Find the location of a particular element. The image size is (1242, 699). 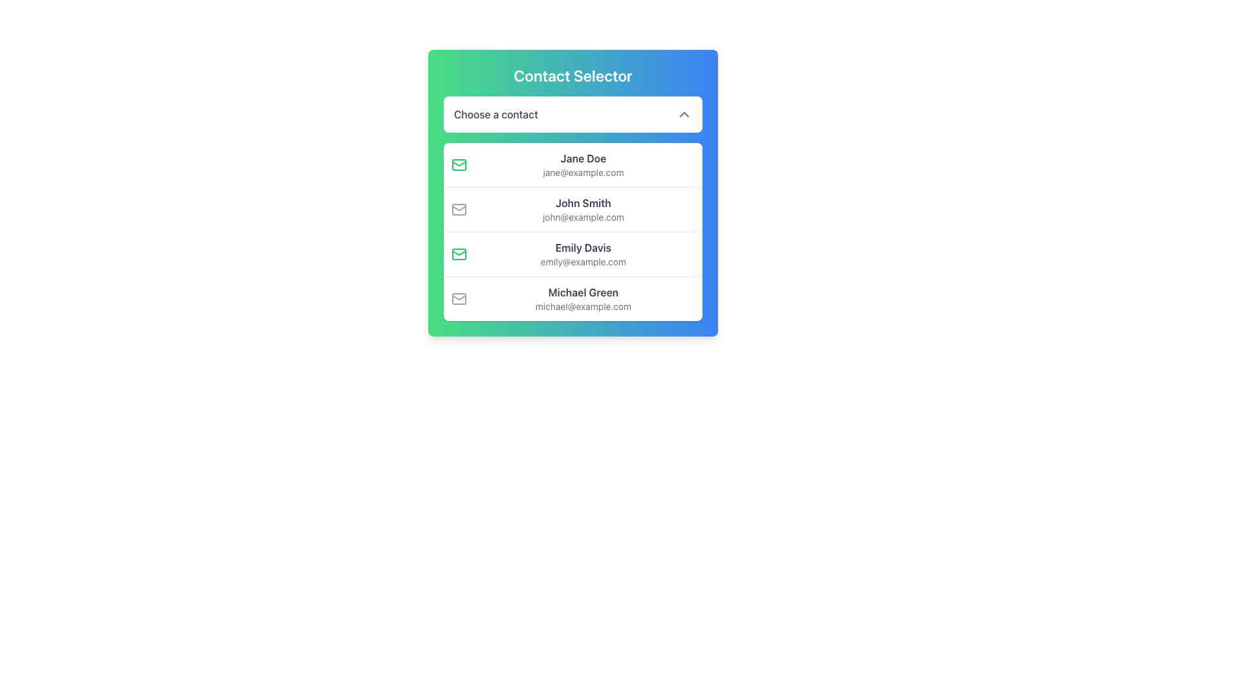

the static title element displaying 'Contact Selector', which is centered and bolded at the top of the dialog box is located at coordinates (572, 75).